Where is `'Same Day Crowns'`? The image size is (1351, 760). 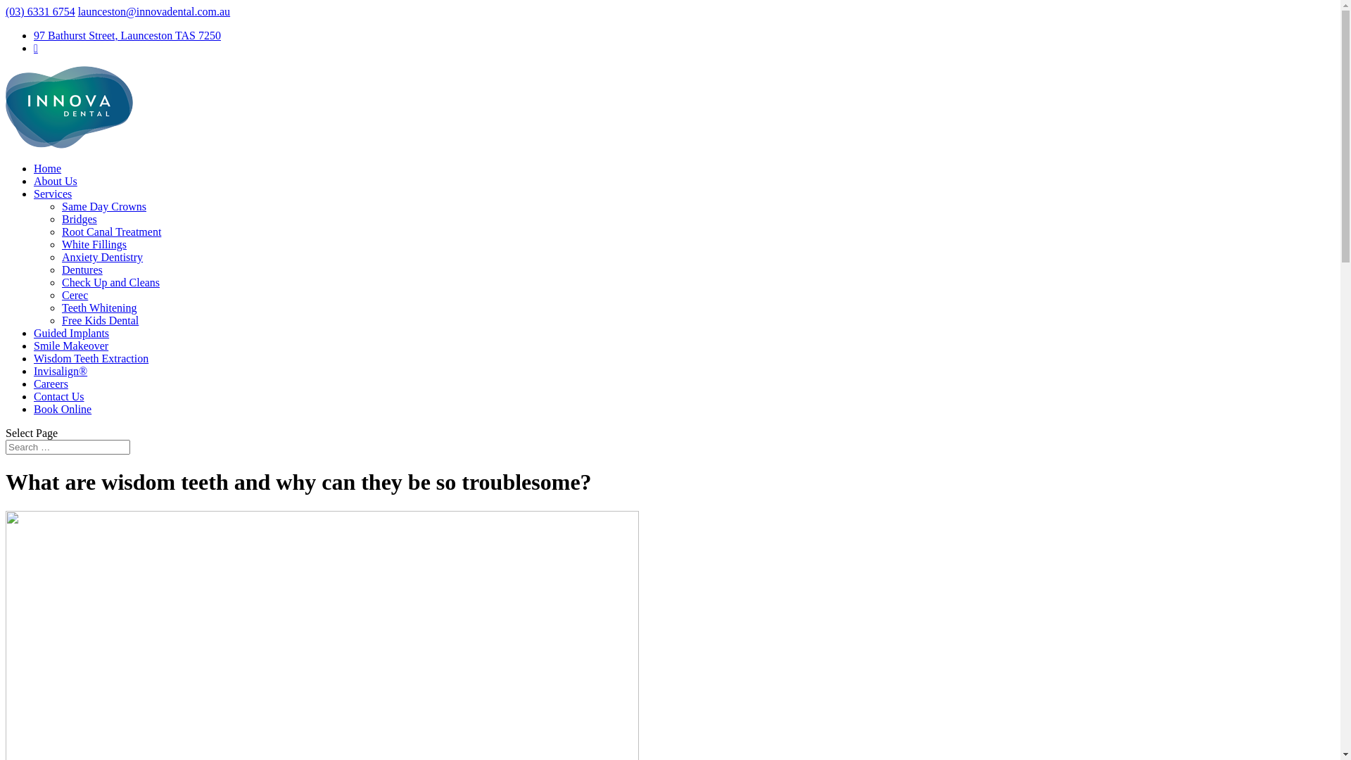 'Same Day Crowns' is located at coordinates (103, 206).